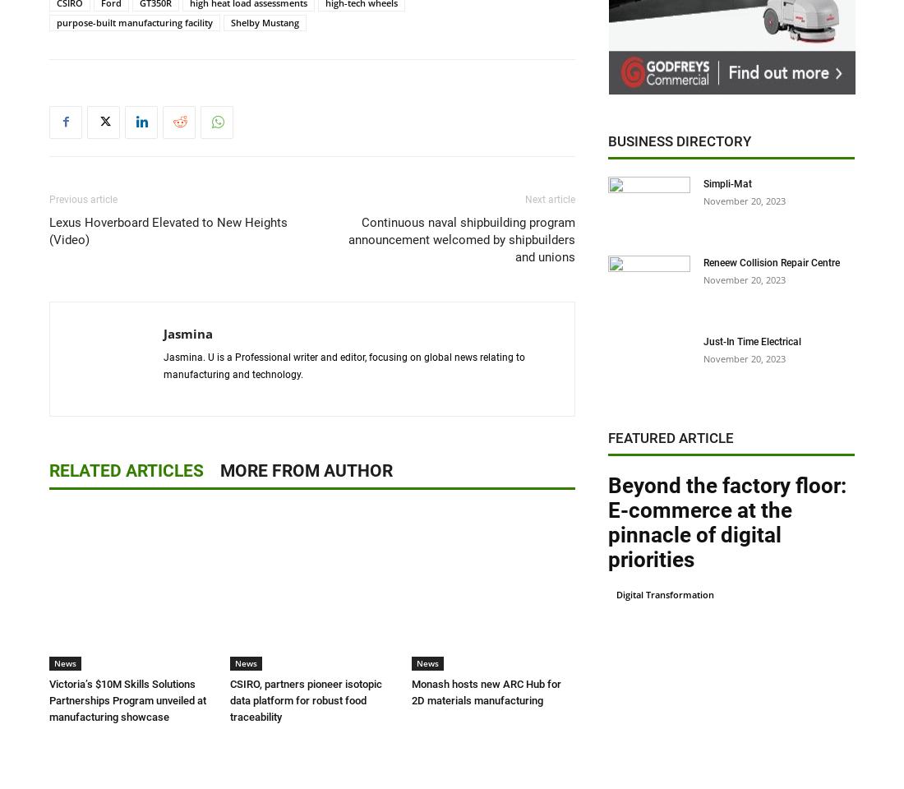  Describe the element at coordinates (410, 691) in the screenshot. I see `'Monash hosts new ARC Hub for 2D materials manufacturing'` at that location.